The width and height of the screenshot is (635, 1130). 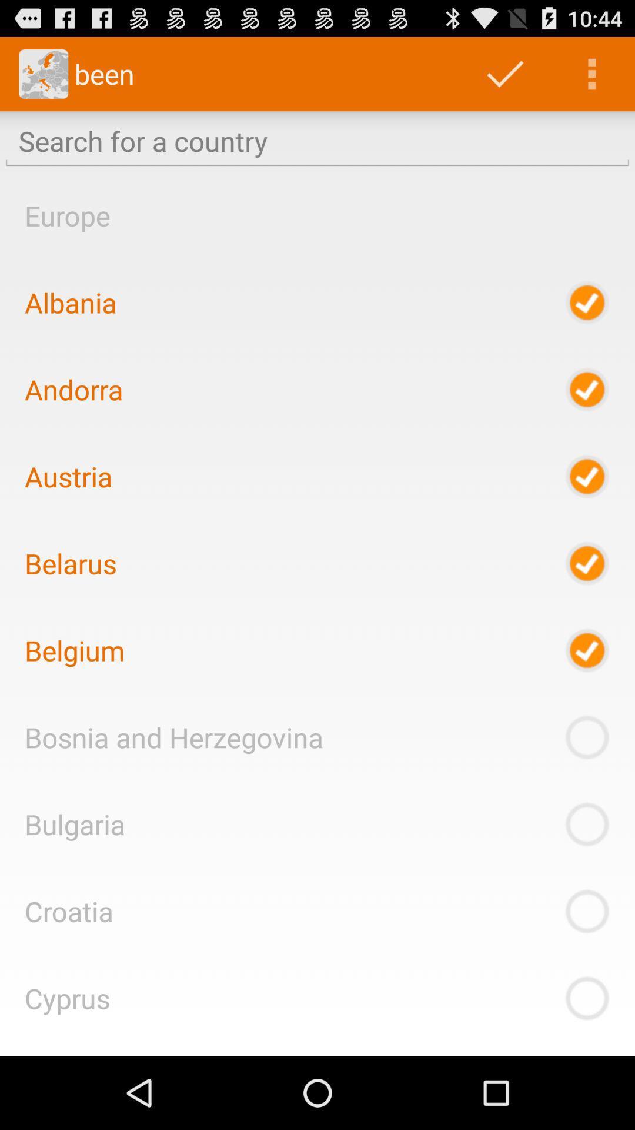 I want to click on albania item, so click(x=71, y=303).